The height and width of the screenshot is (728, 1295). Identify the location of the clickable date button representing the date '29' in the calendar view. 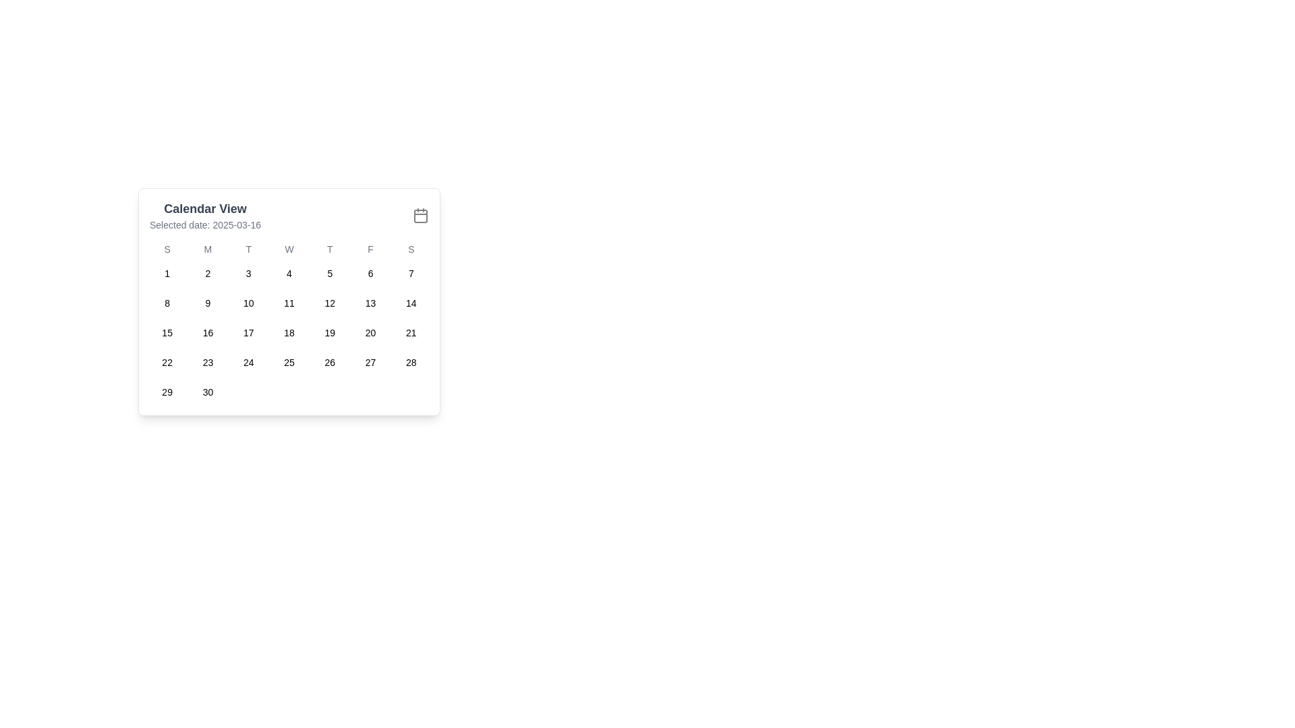
(167, 392).